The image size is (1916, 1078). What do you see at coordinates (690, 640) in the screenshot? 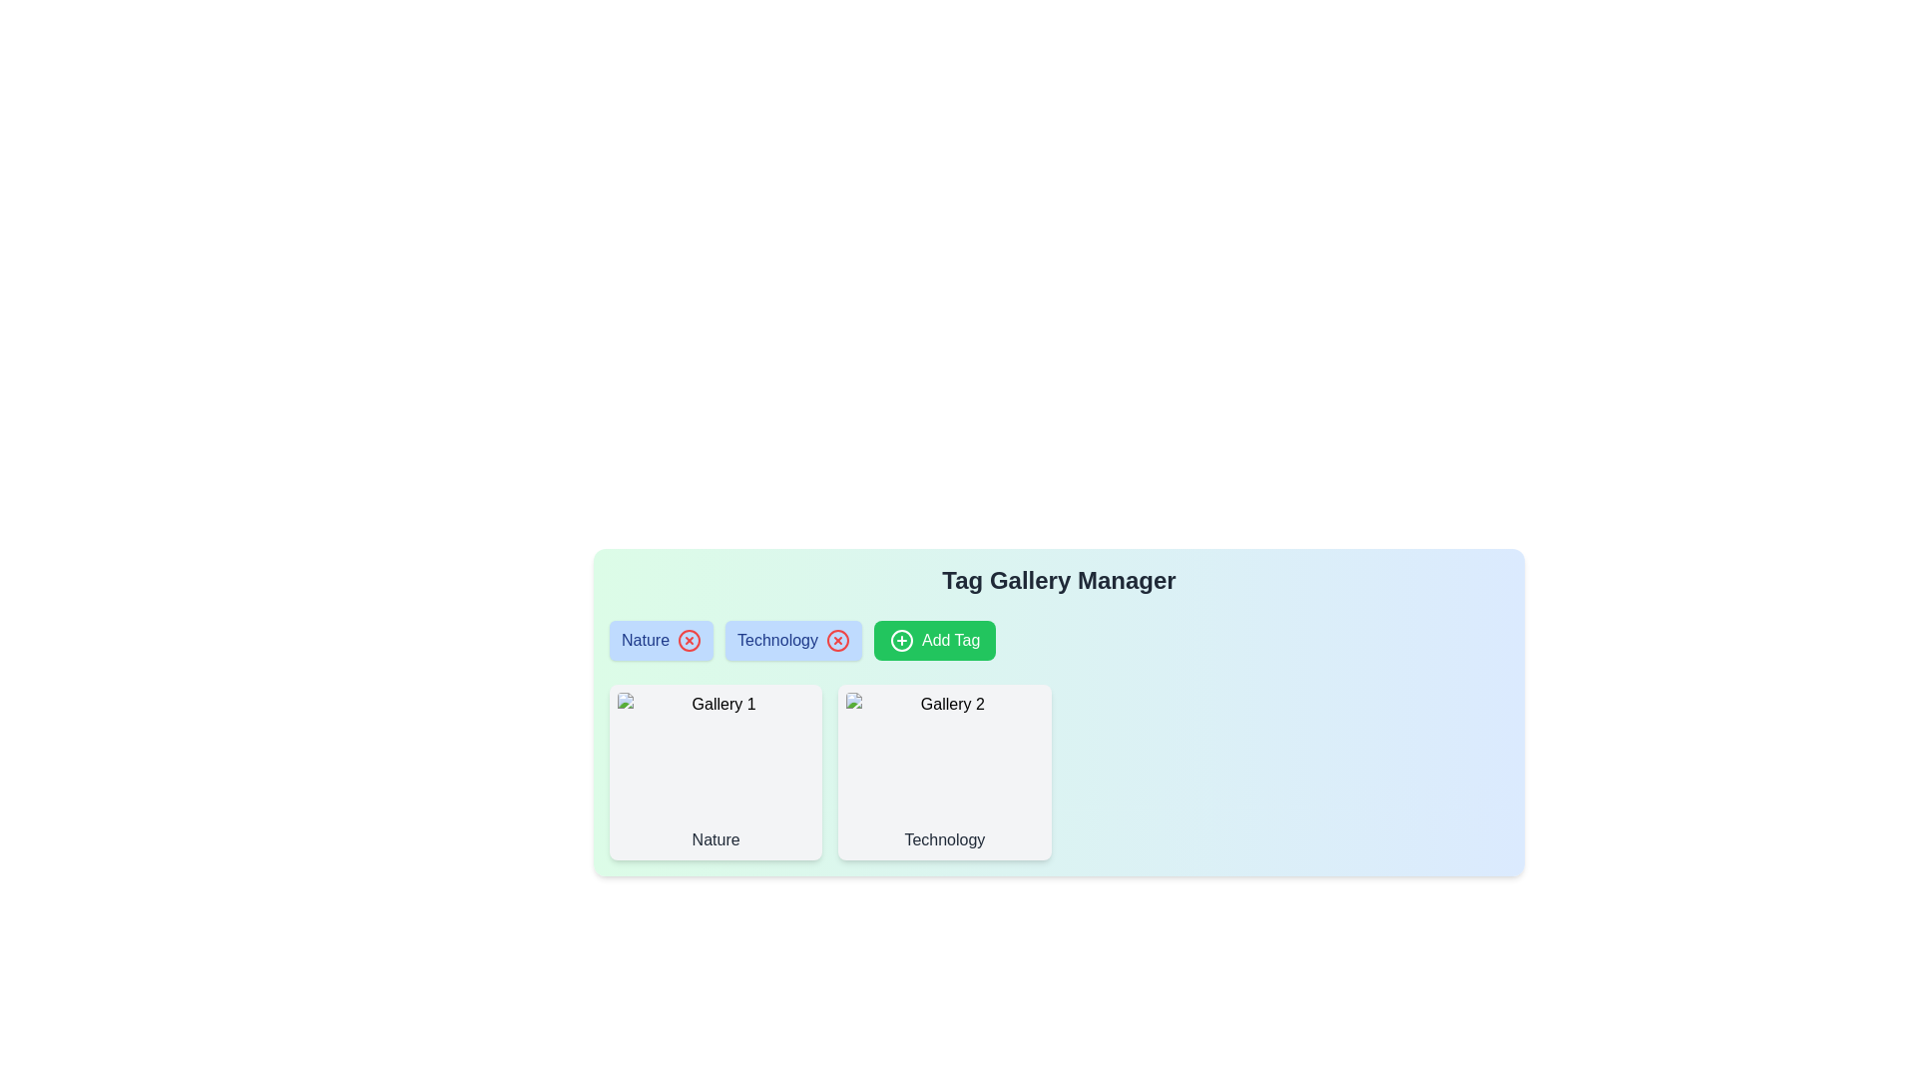
I see `the delete button positioned to the right of the 'Nature' tag` at bounding box center [690, 640].